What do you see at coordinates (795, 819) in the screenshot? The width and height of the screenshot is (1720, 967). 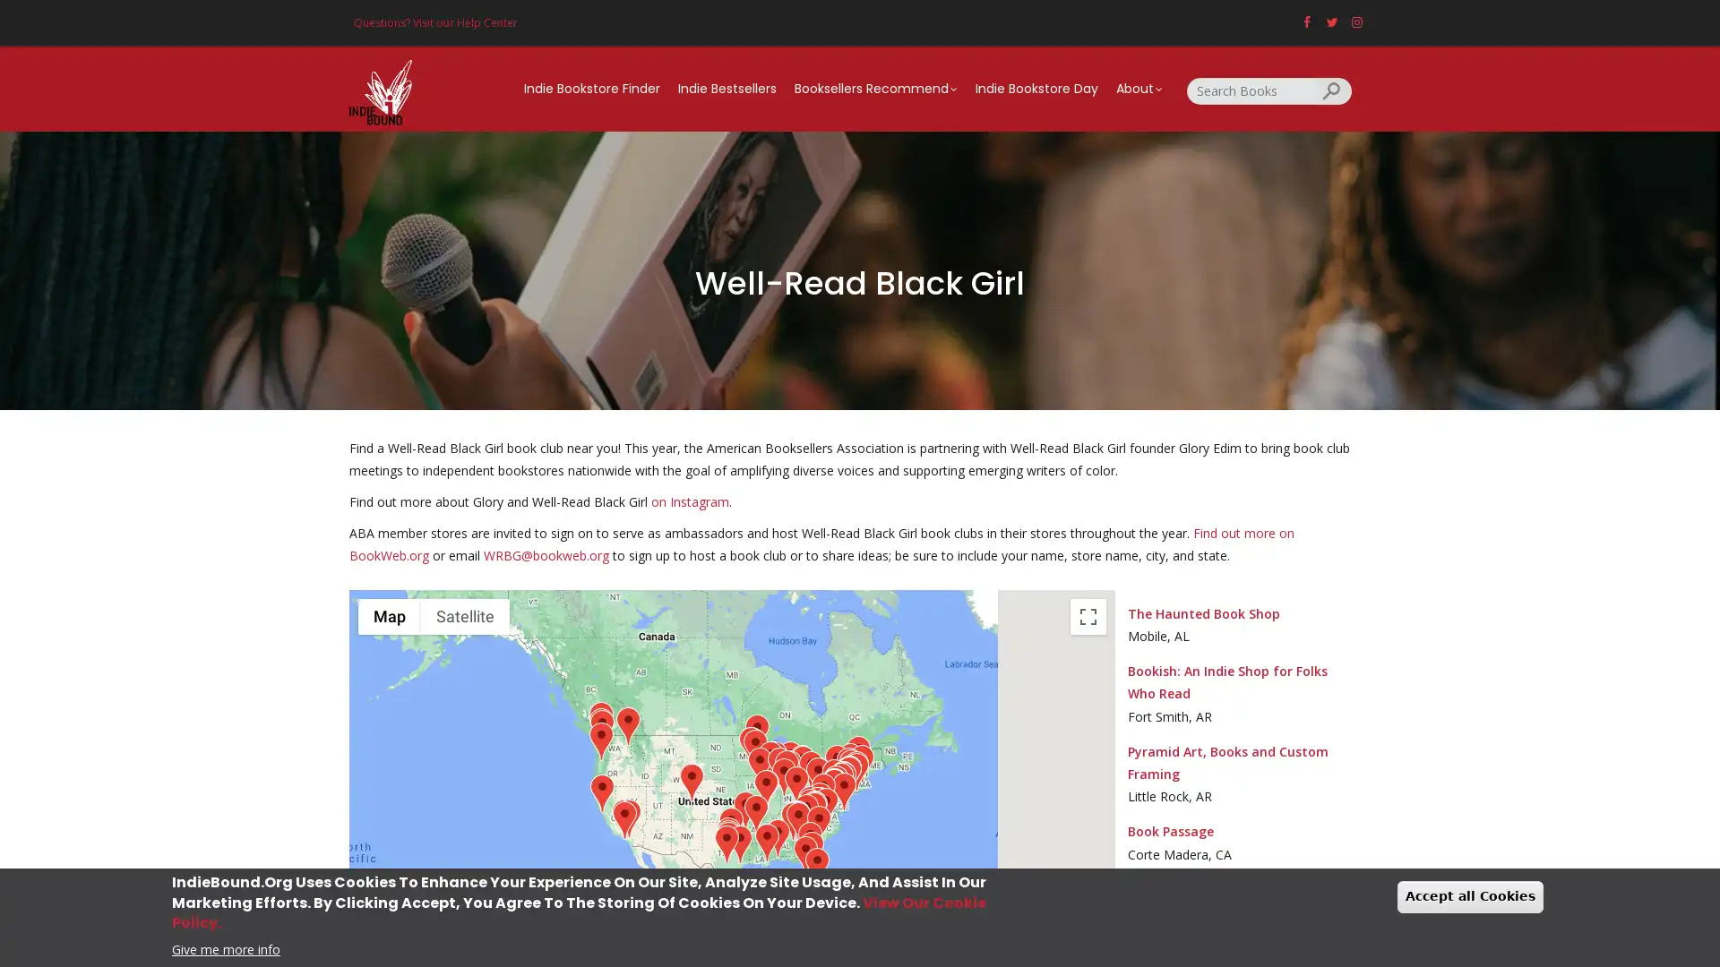 I see `Brave + Kind Bookshop` at bounding box center [795, 819].